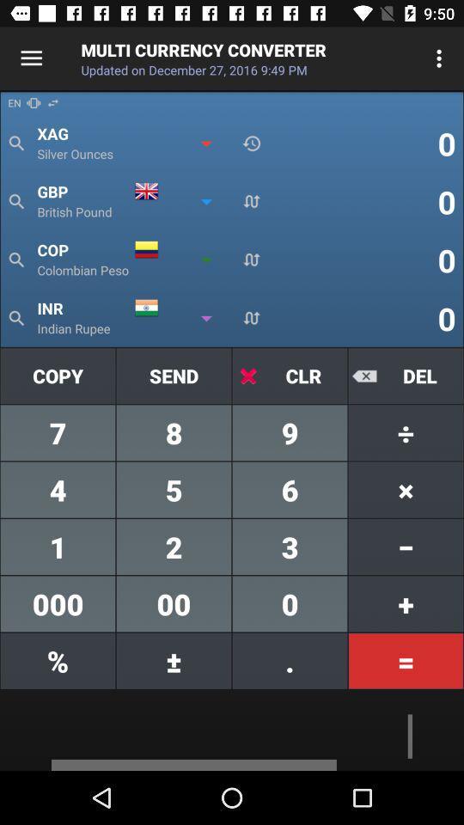  I want to click on the search icon, so click(15, 260).